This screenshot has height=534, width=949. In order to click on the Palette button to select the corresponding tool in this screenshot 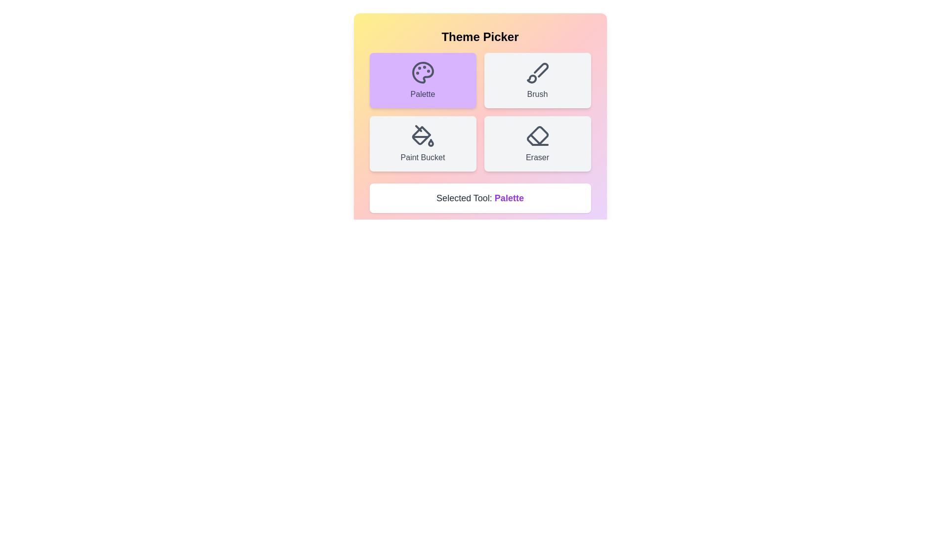, I will do `click(423, 80)`.